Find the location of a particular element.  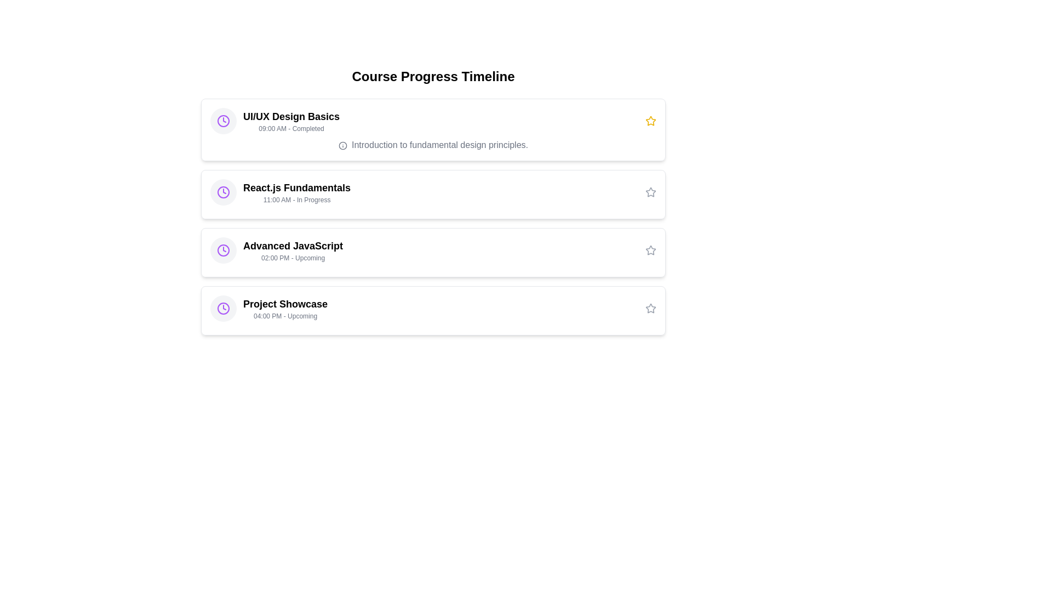

the Information Block displaying details about the upcoming course 'Advanced JavaScript' is located at coordinates (276, 250).